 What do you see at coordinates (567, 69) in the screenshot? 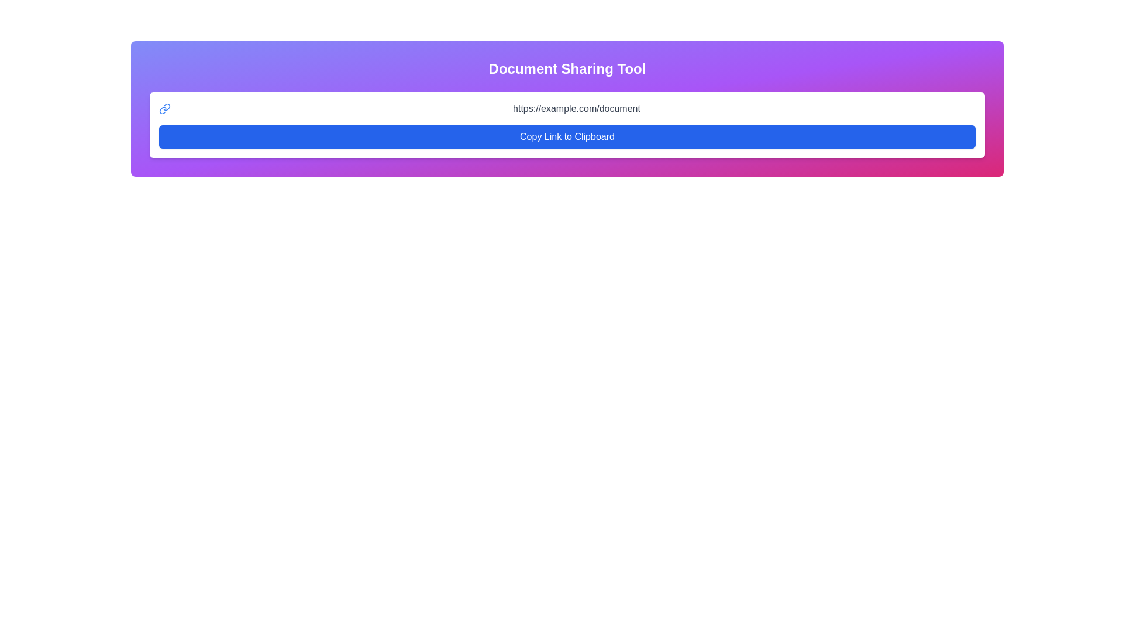
I see `text displayed in the header labeled 'Document Sharing Tool', which is styled in a bold, large font with a gradient background` at bounding box center [567, 69].